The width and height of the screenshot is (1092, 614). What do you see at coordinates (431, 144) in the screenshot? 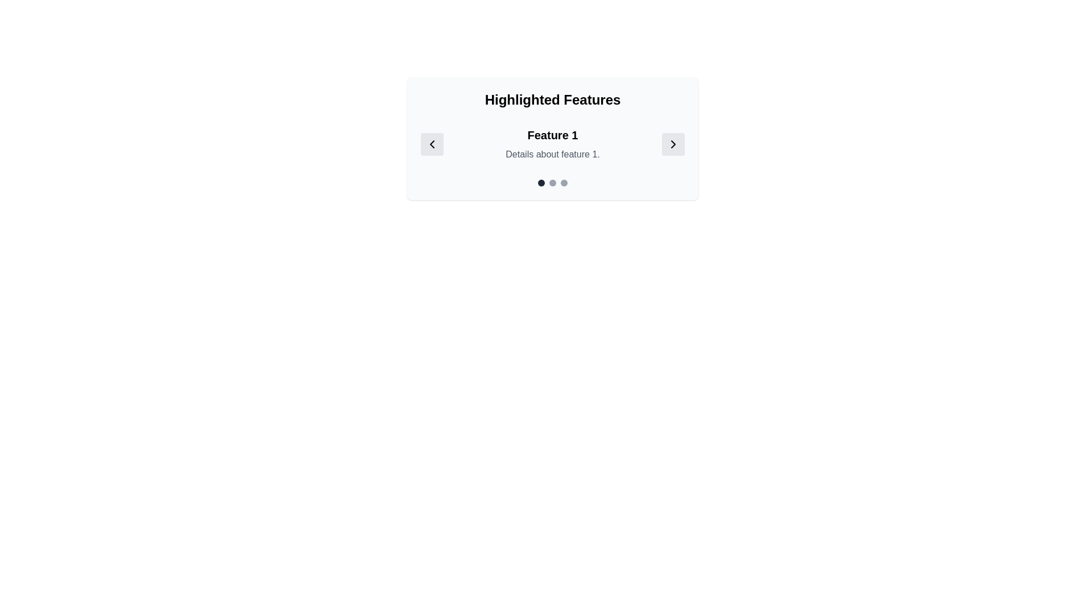
I see `the left-pointing chevron navigation button located on the left side of the 'Highlighted Features' content pane, aligned with the 'Feature 1' description block` at bounding box center [431, 144].